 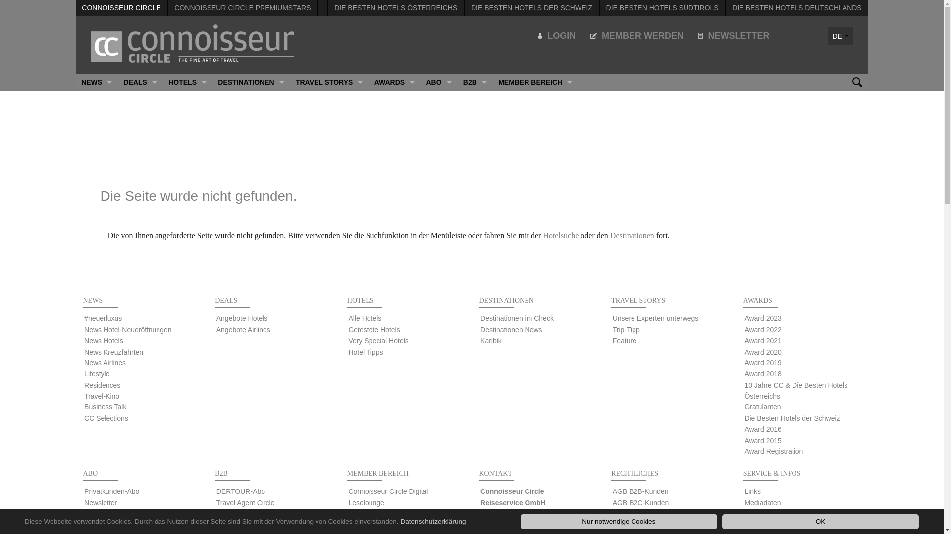 What do you see at coordinates (762, 503) in the screenshot?
I see `'Mediadaten'` at bounding box center [762, 503].